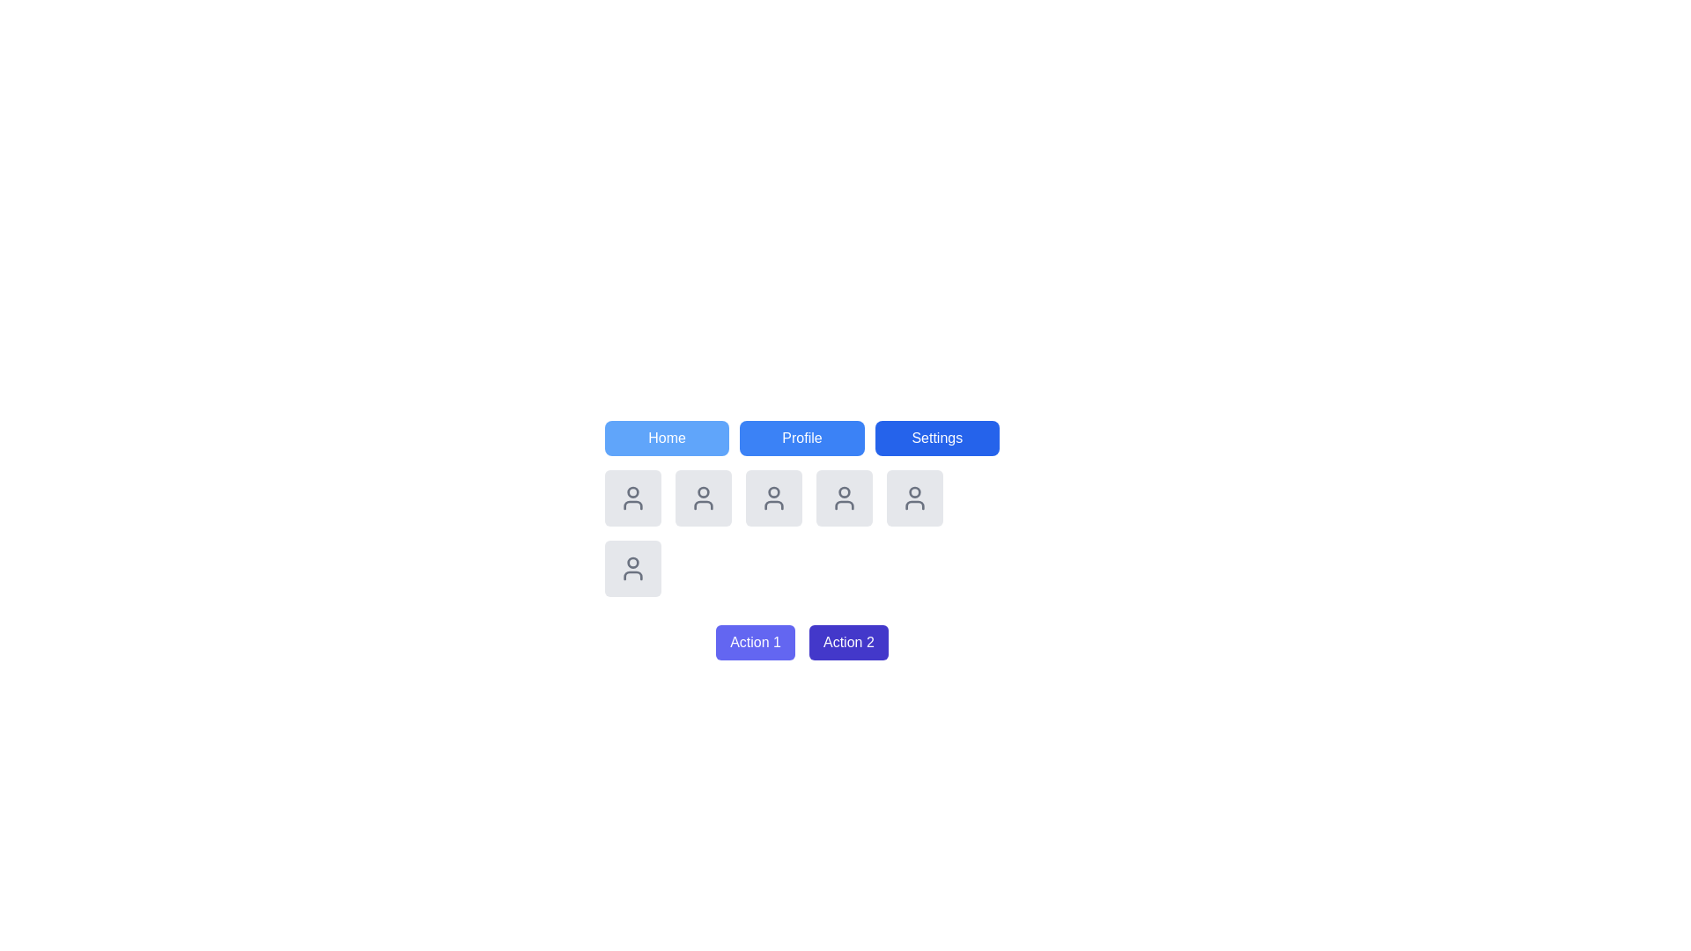  What do you see at coordinates (666, 437) in the screenshot?
I see `the 'Home' navigation button` at bounding box center [666, 437].